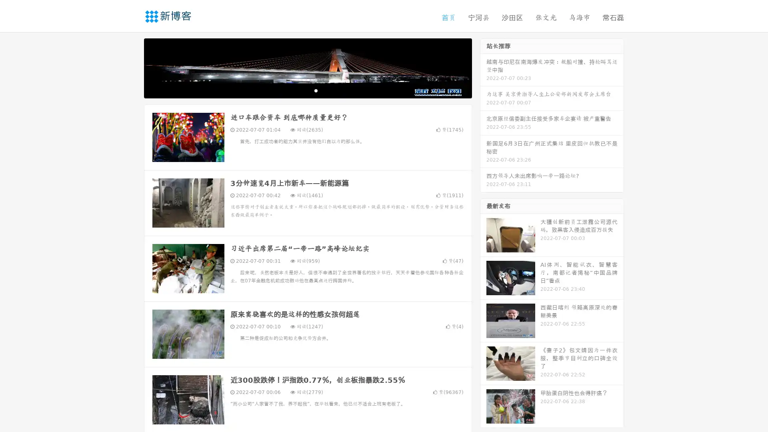 This screenshot has width=768, height=432. Describe the element at coordinates (483, 67) in the screenshot. I see `Next slide` at that location.